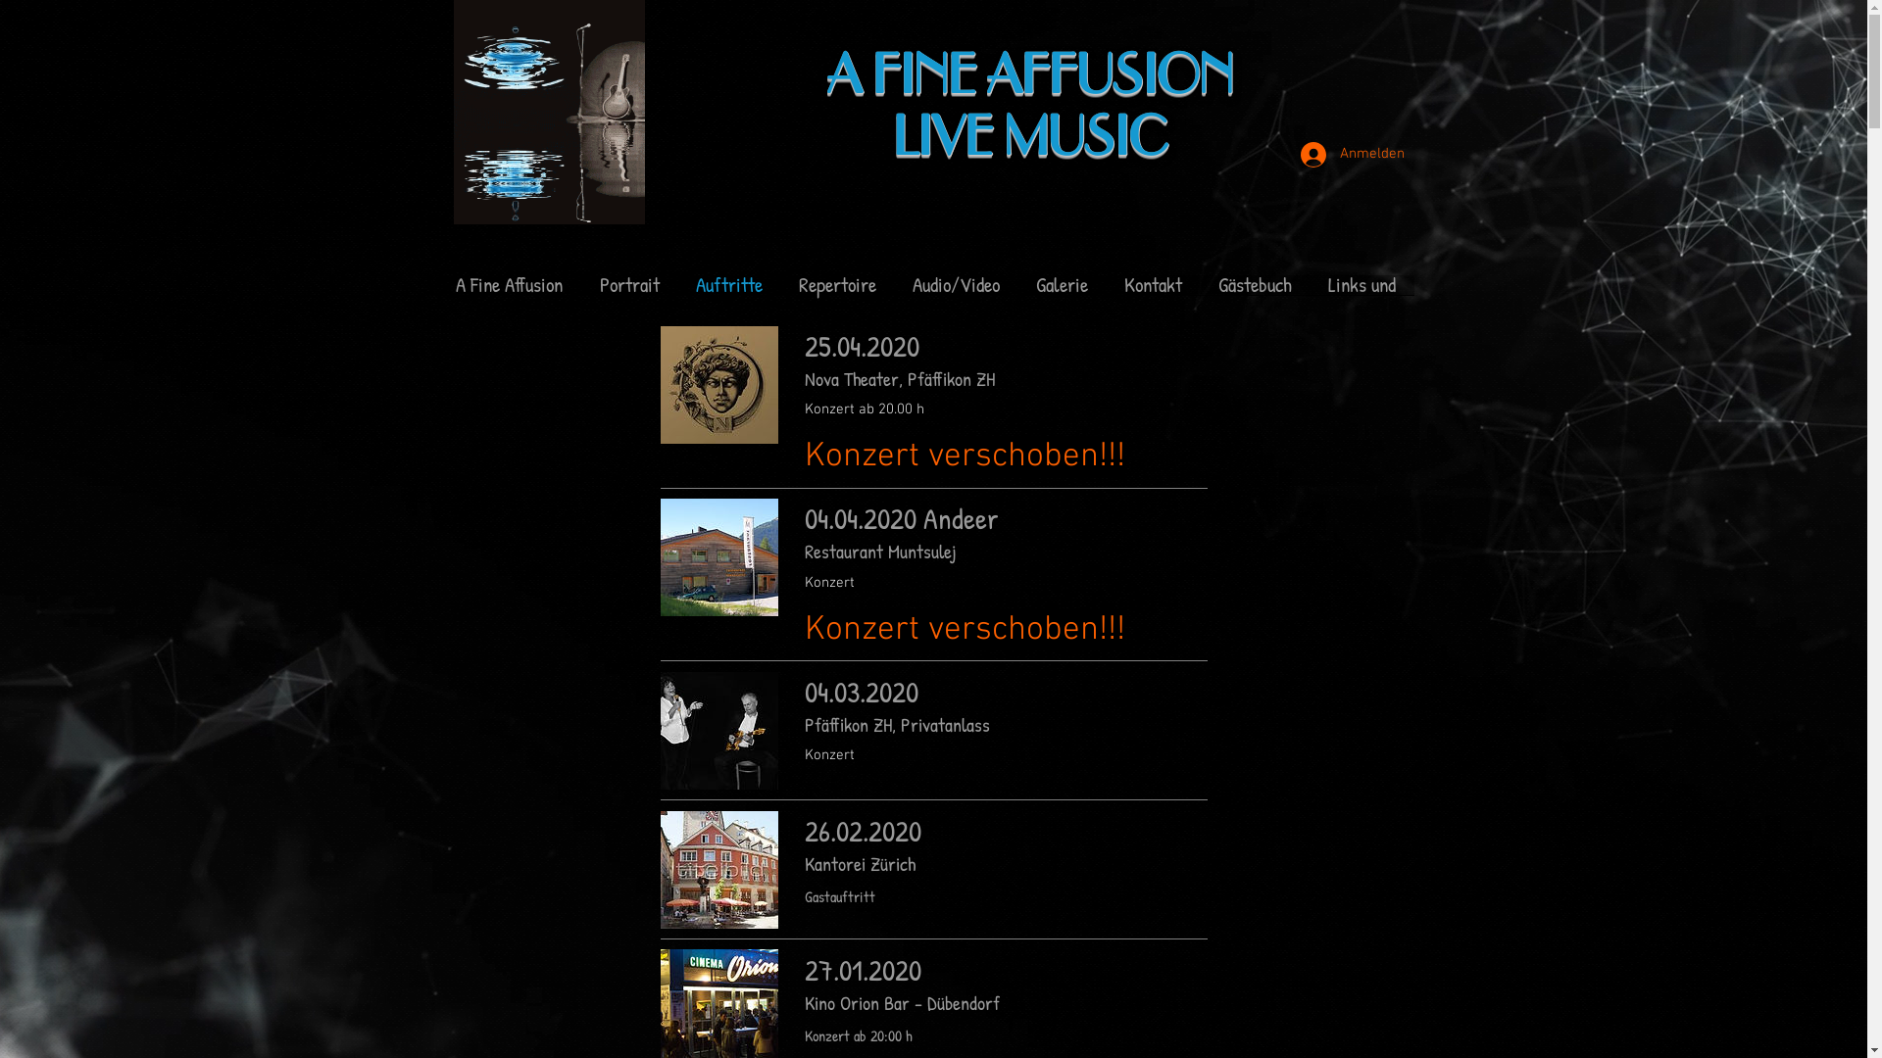  What do you see at coordinates (718, 557) in the screenshot?
I see `'Muntsulej.jpg'` at bounding box center [718, 557].